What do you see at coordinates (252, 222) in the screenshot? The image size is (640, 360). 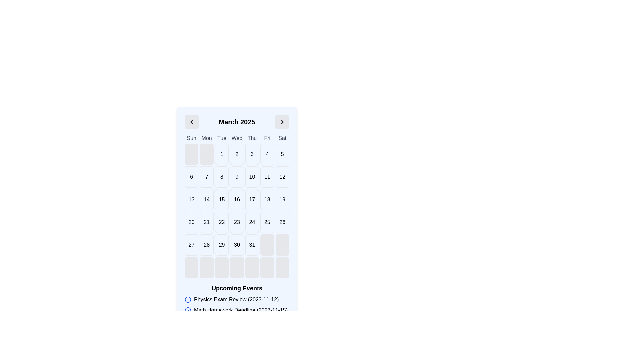 I see `the Day cell displaying the number '24' in the calendar grid` at bounding box center [252, 222].